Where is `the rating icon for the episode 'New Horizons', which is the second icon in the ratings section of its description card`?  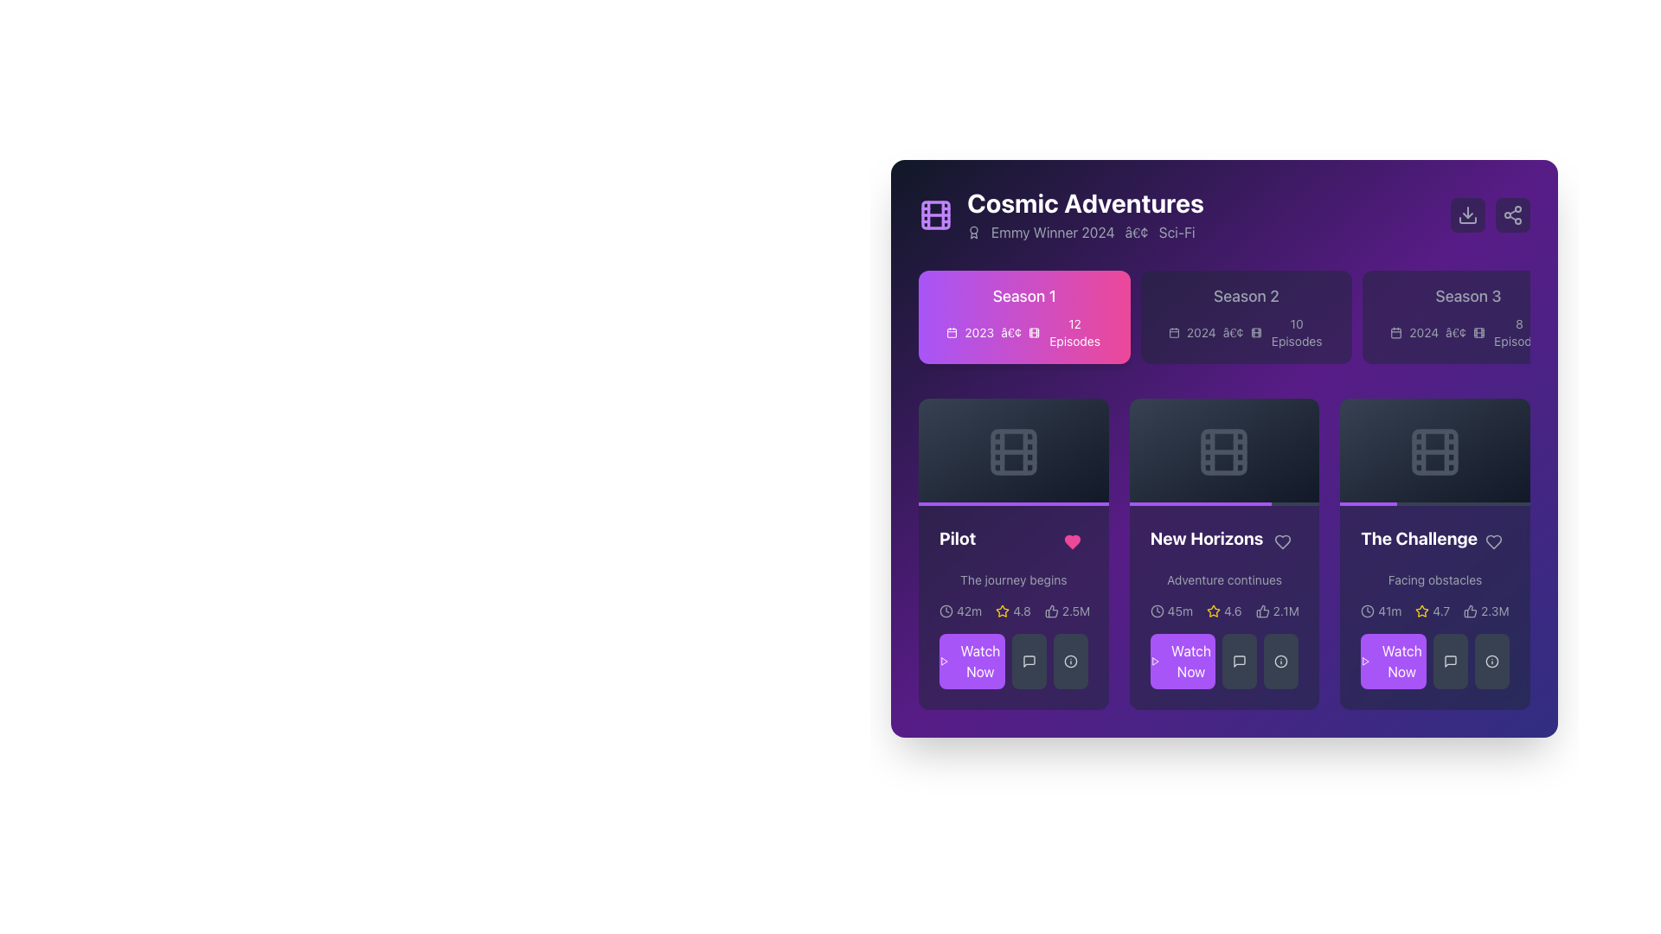 the rating icon for the episode 'New Horizons', which is the second icon in the ratings section of its description card is located at coordinates (1213, 610).